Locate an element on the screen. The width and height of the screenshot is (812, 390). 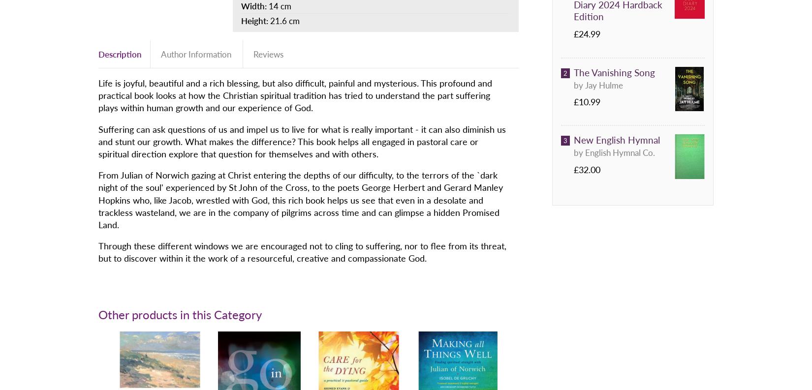
'Width:' is located at coordinates (241, 5).